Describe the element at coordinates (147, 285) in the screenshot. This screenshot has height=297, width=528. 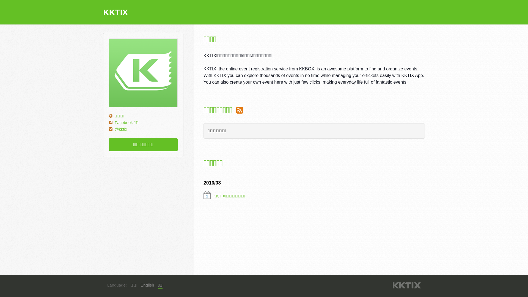
I see `'English'` at that location.